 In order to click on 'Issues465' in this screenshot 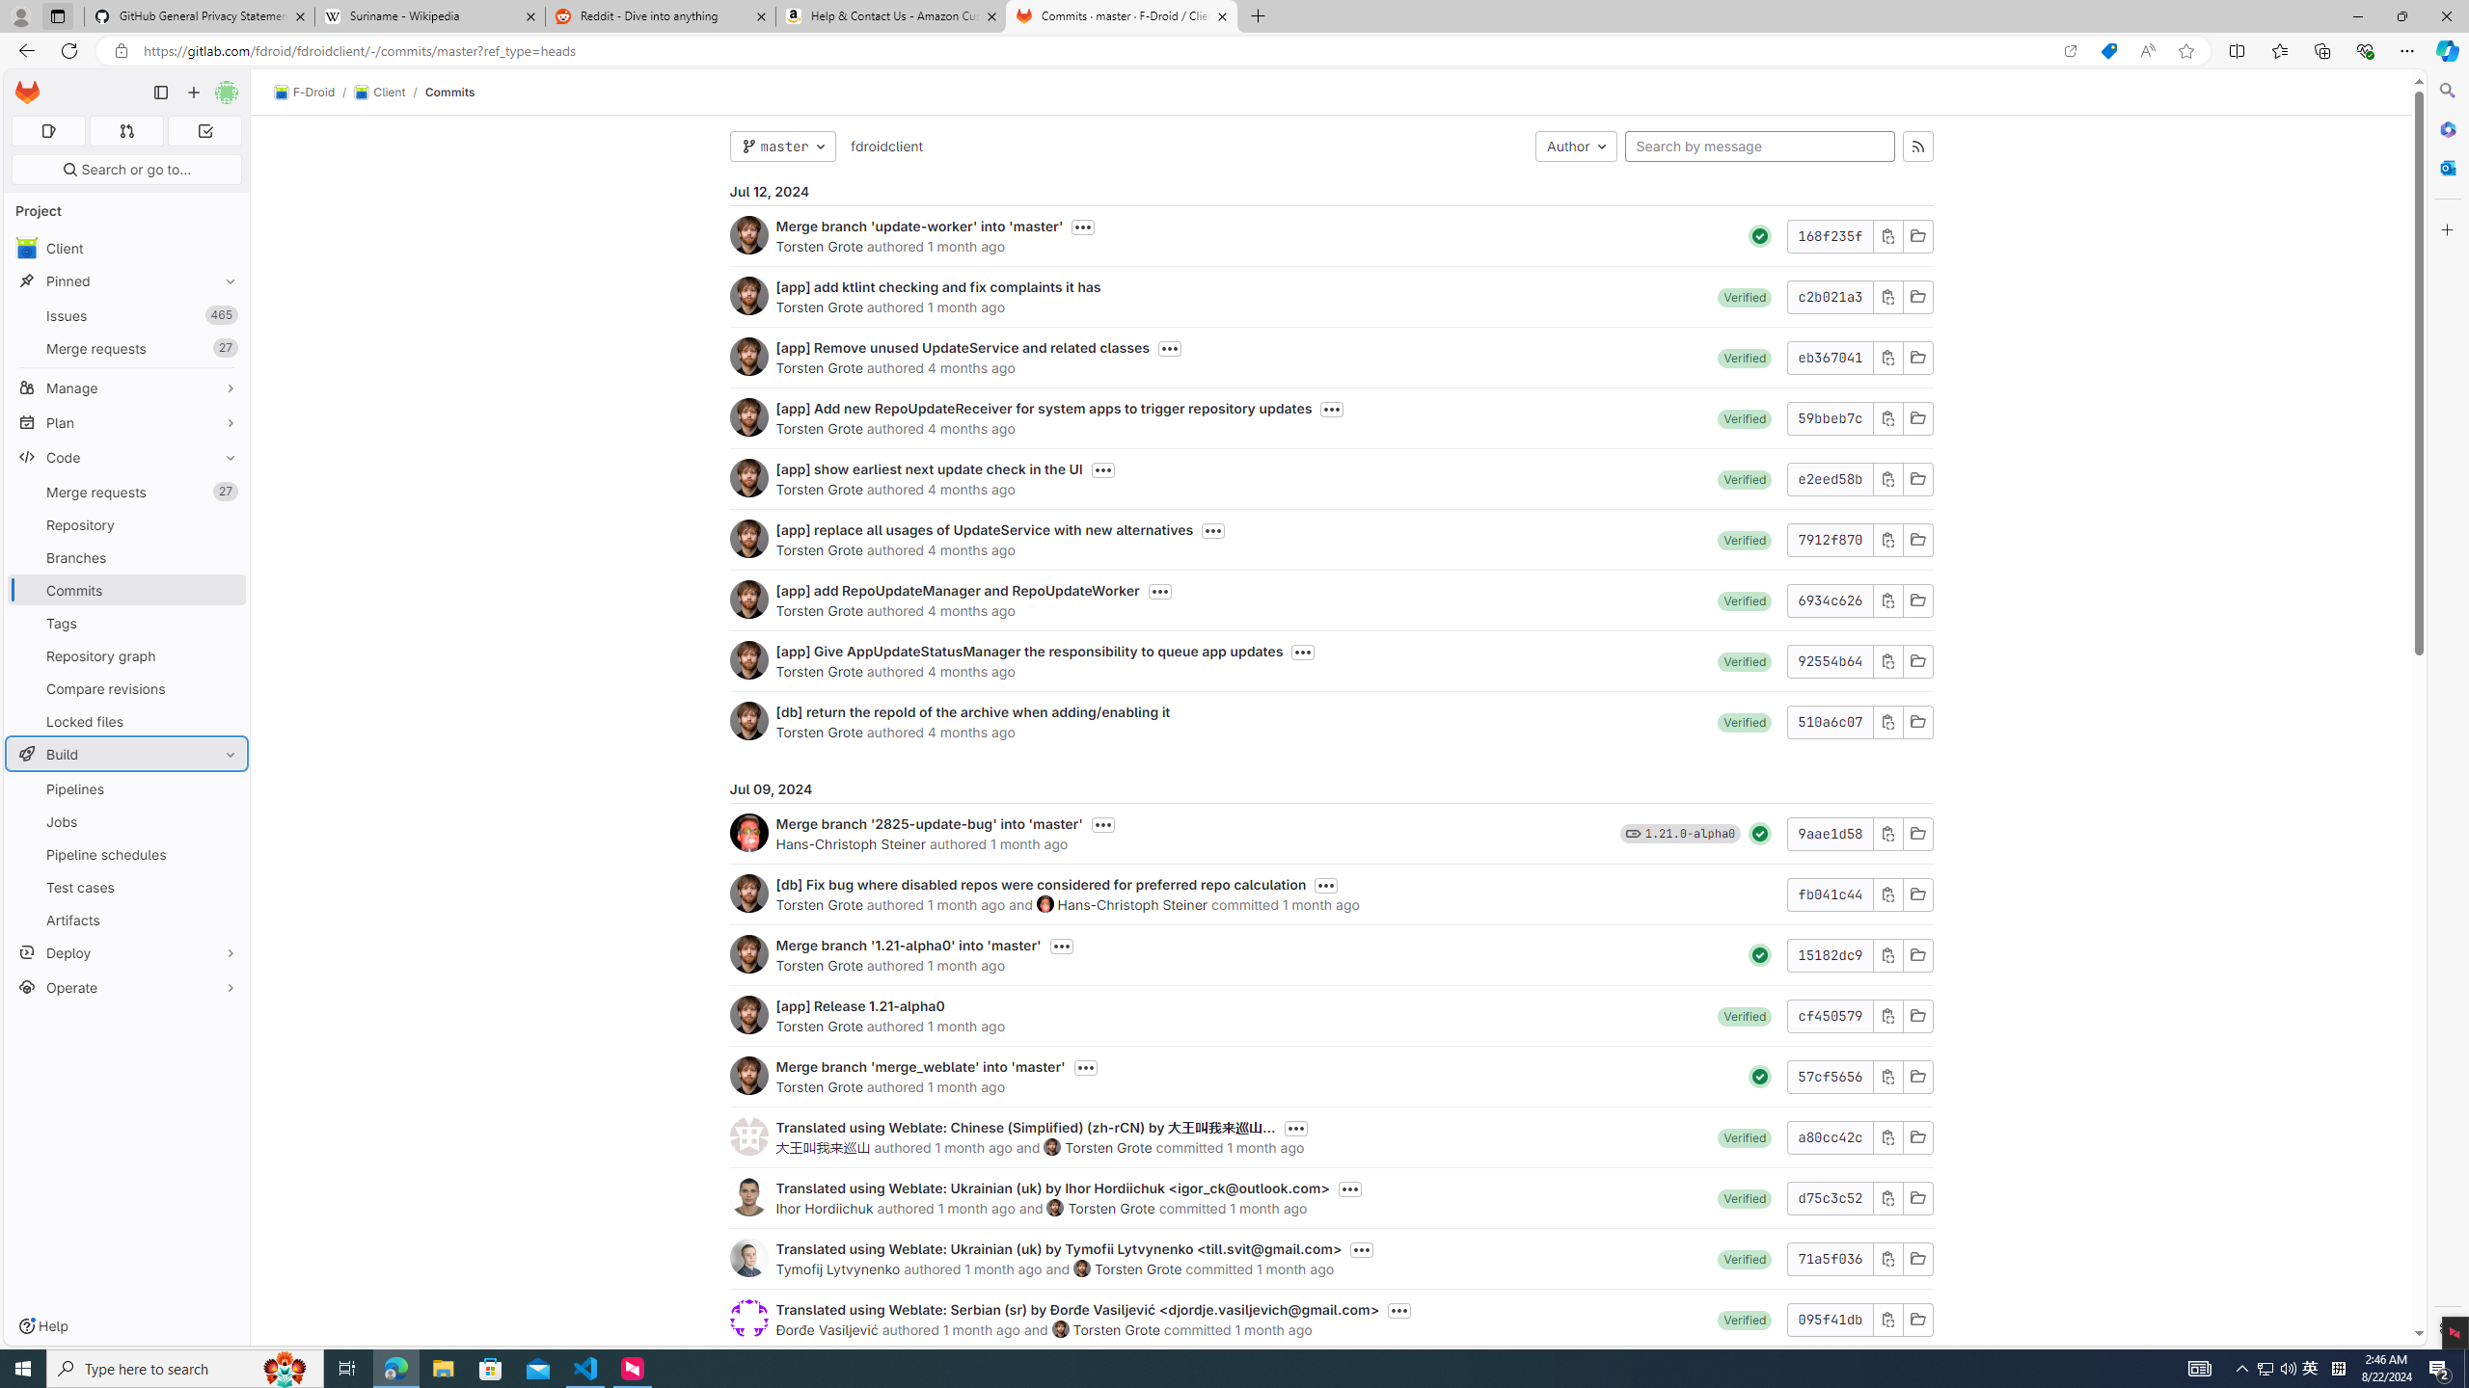, I will do `click(125, 314)`.